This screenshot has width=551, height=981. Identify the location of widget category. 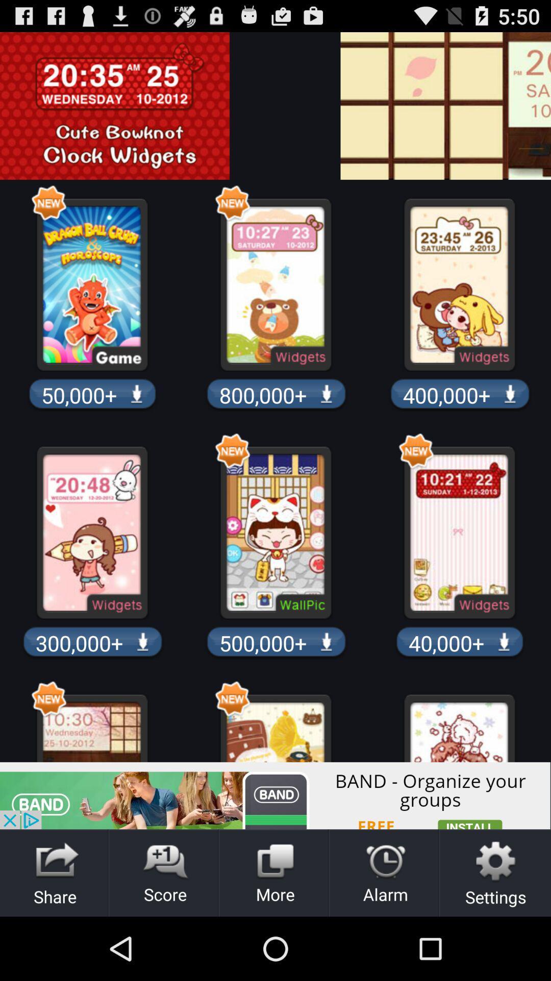
(543, 106).